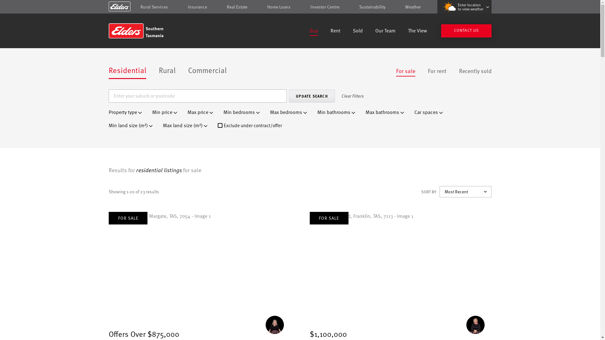  I want to click on 'Our Team', so click(375, 31).